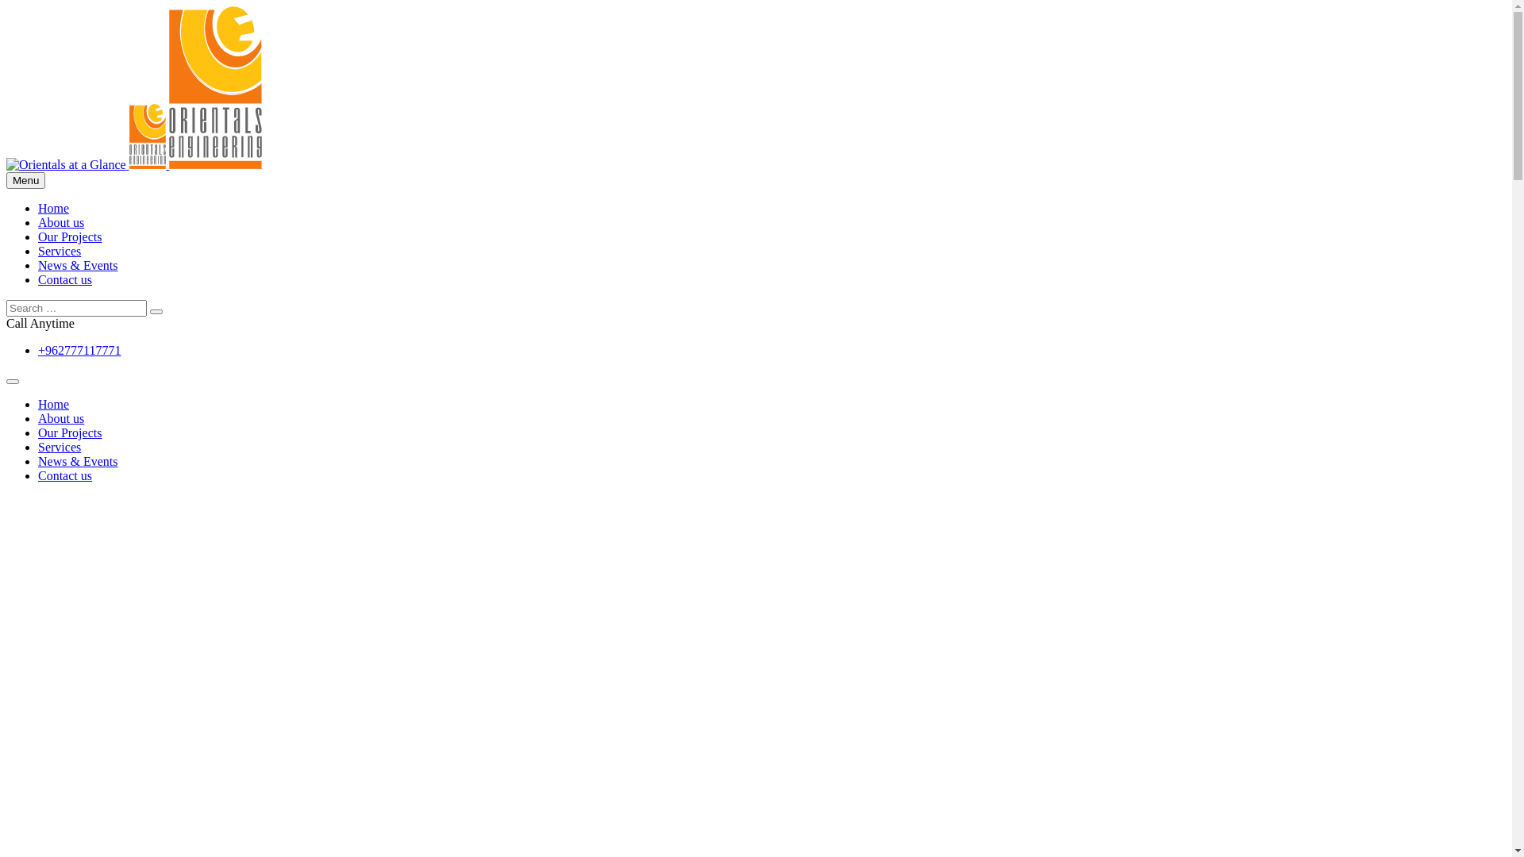 Image resolution: width=1524 pixels, height=857 pixels. Describe the element at coordinates (79, 349) in the screenshot. I see `'+962777117771'` at that location.